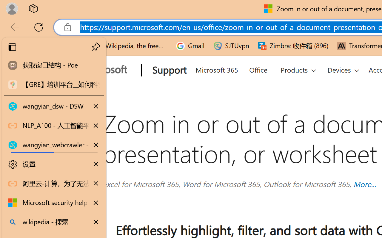 This screenshot has width=382, height=238. Describe the element at coordinates (54, 107) in the screenshot. I see `'wangyian_dsw - DSW'` at that location.